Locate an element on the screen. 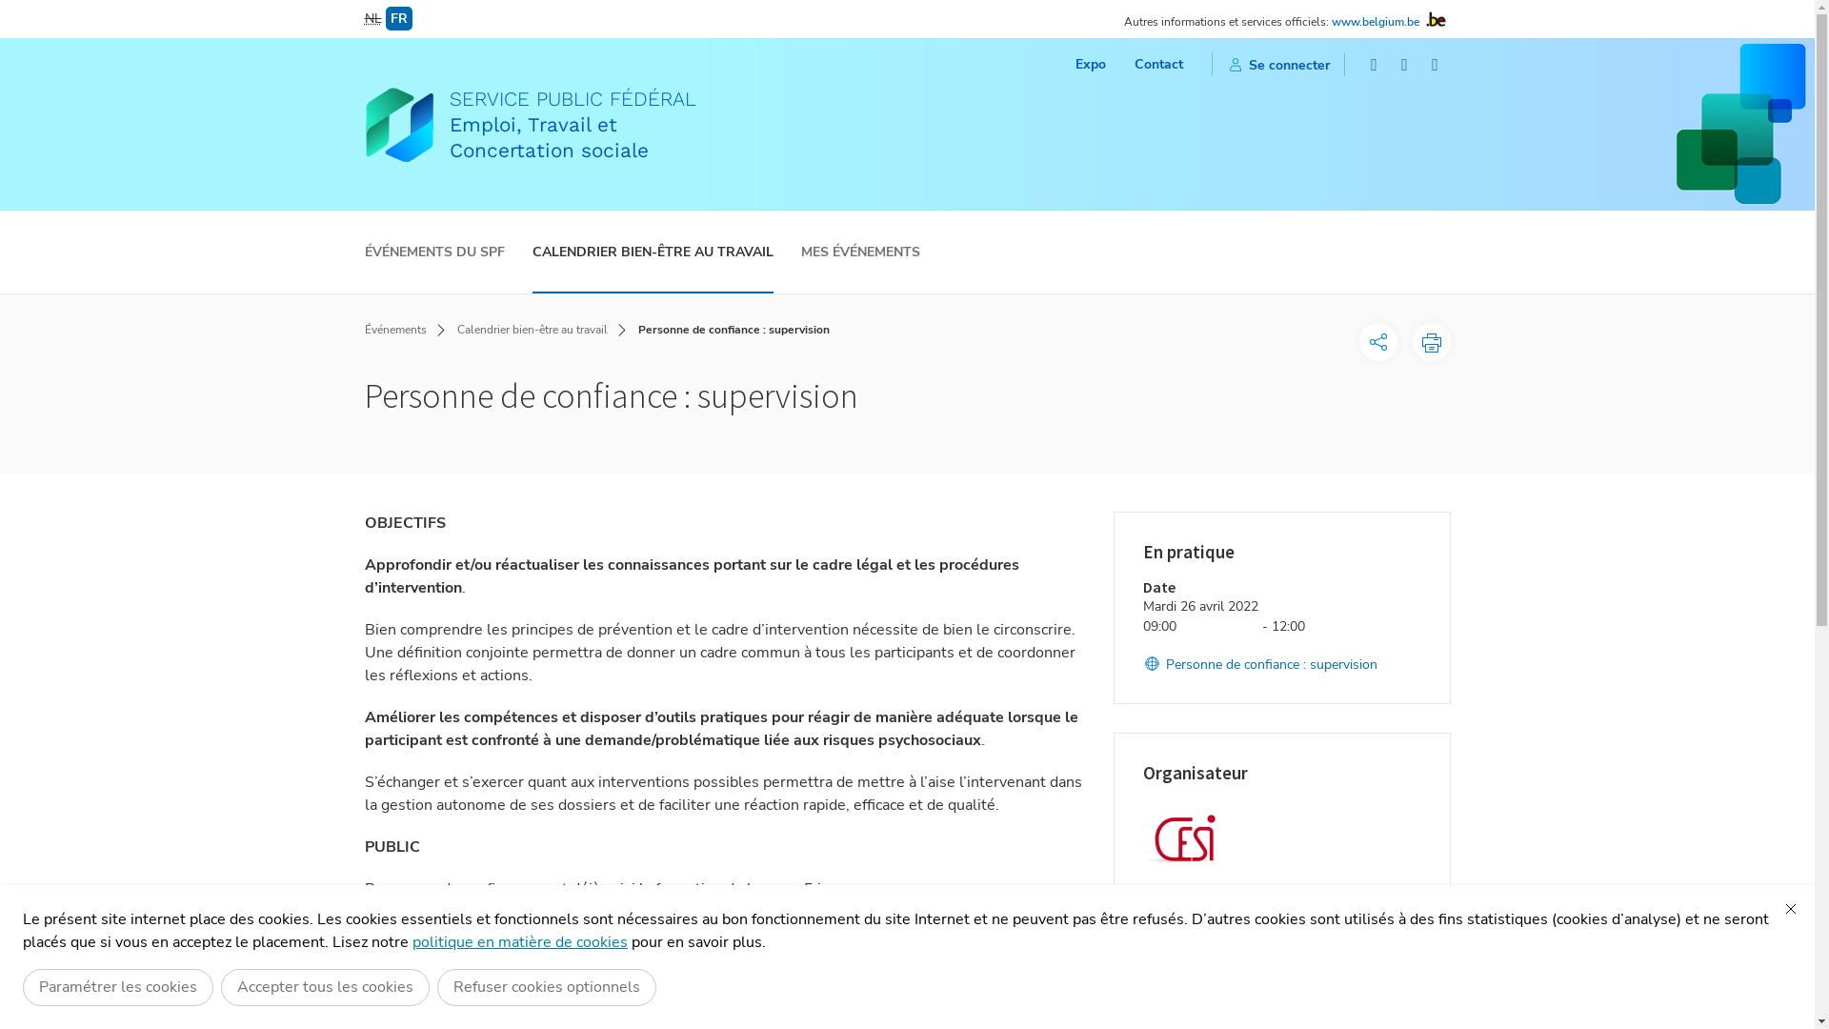 This screenshot has width=1829, height=1029. 'Contact' is located at coordinates (1156, 63).